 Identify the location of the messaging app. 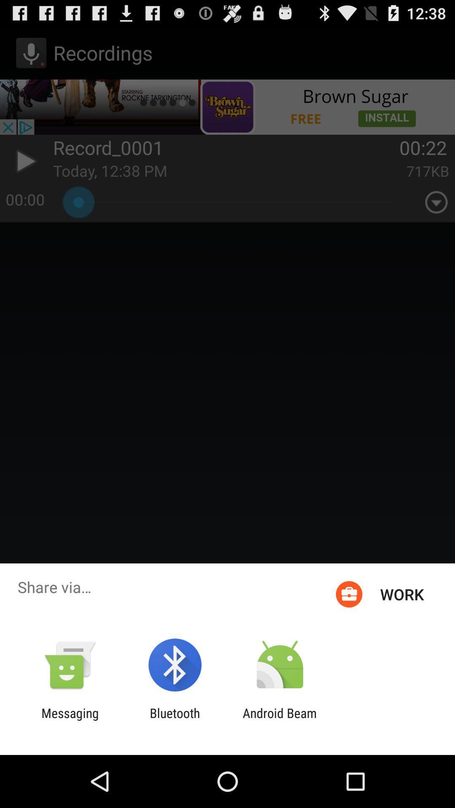
(70, 720).